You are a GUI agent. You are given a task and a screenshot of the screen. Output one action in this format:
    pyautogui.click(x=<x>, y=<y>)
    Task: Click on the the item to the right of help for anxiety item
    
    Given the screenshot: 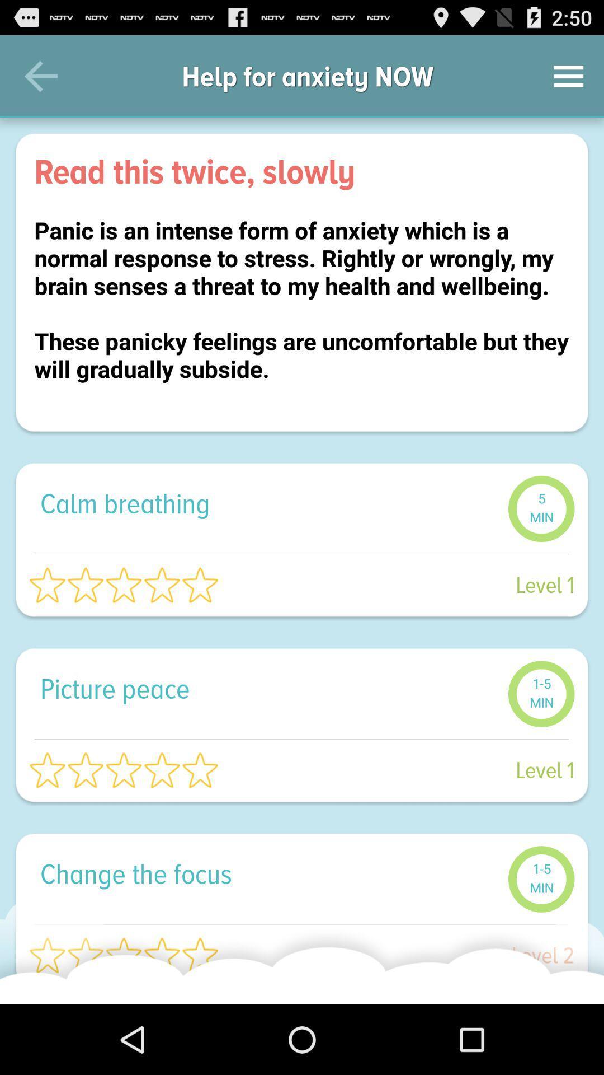 What is the action you would take?
    pyautogui.click(x=569, y=76)
    